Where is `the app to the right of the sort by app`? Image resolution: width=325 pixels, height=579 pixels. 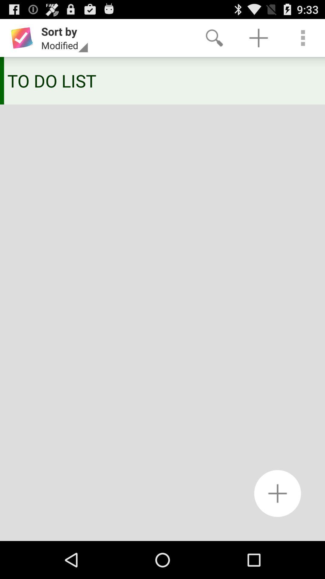 the app to the right of the sort by app is located at coordinates (214, 37).